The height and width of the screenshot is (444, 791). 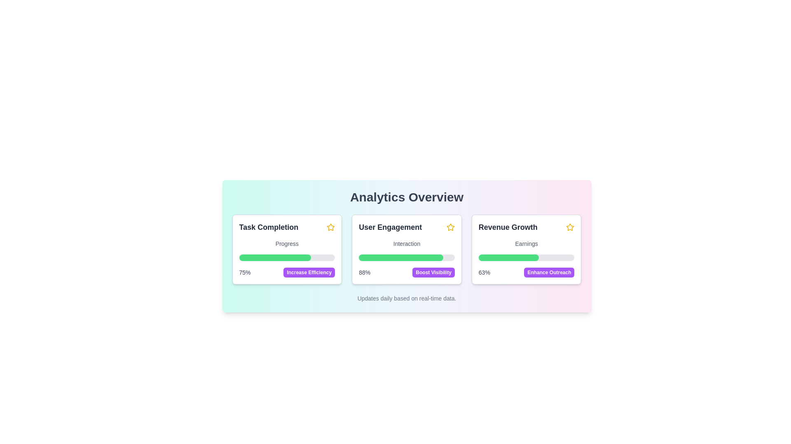 I want to click on the Text Display that shows '63%' within the 'Revenue Growth' card, located slightly to the left of the 'Enhance Outreach' button, so click(x=484, y=273).